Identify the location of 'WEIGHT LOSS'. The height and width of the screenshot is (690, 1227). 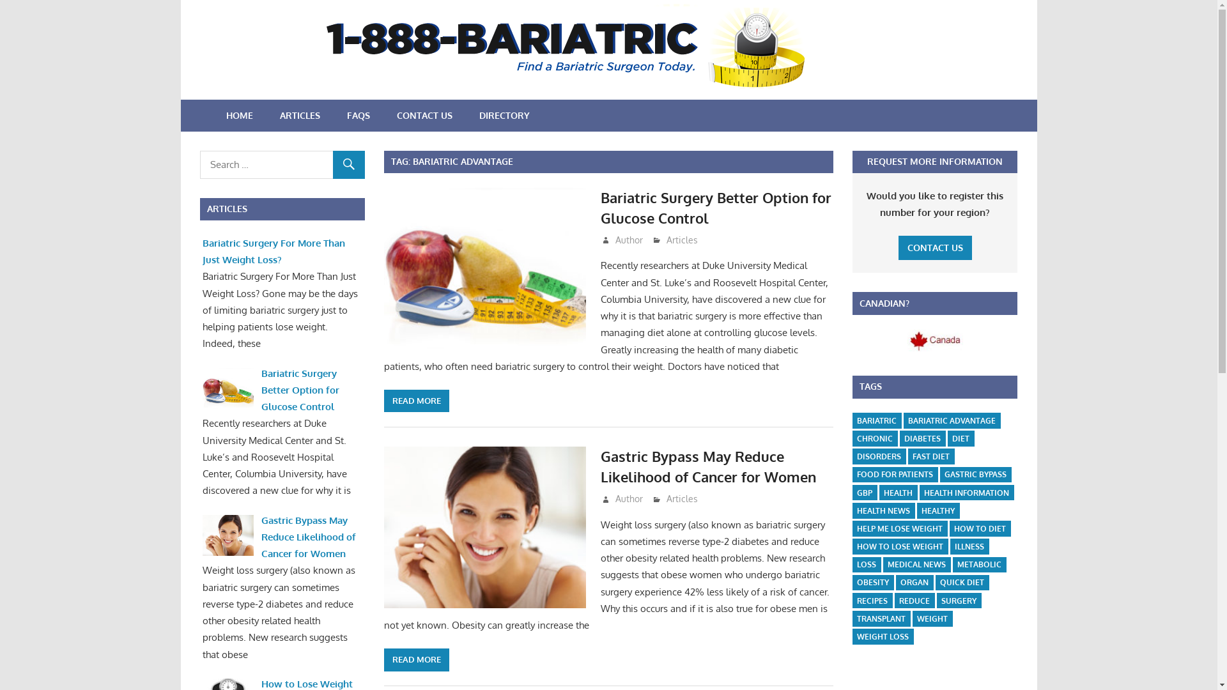
(882, 636).